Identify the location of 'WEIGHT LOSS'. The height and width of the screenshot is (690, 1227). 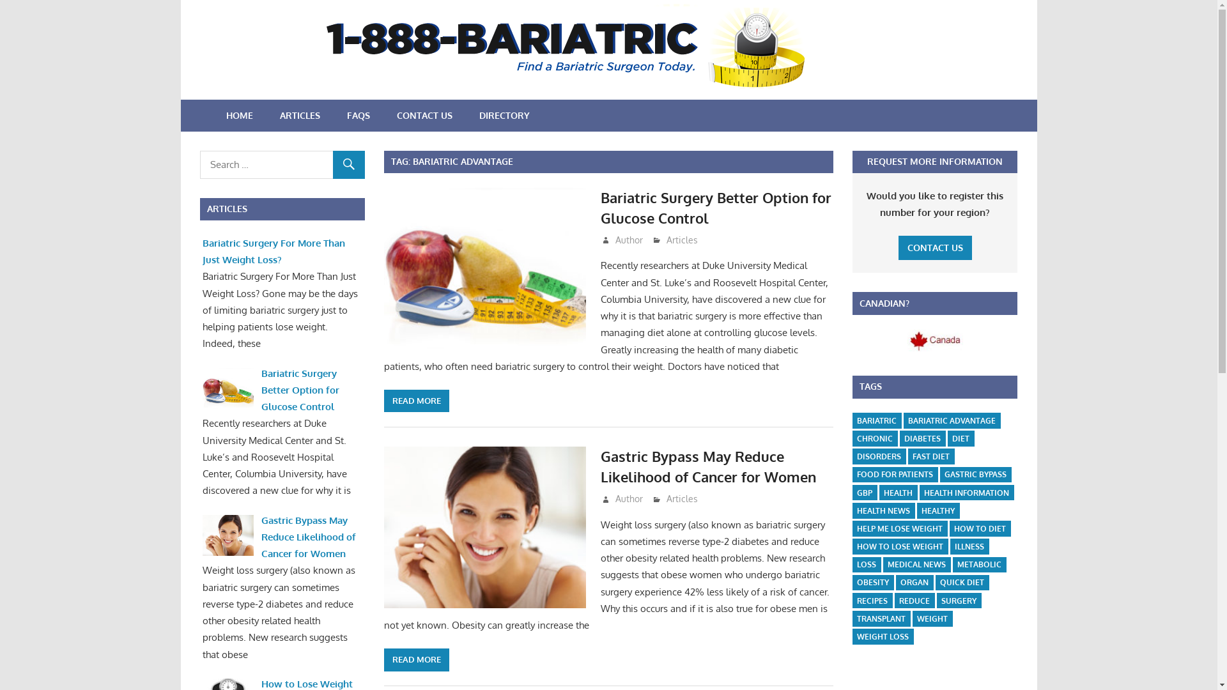
(882, 636).